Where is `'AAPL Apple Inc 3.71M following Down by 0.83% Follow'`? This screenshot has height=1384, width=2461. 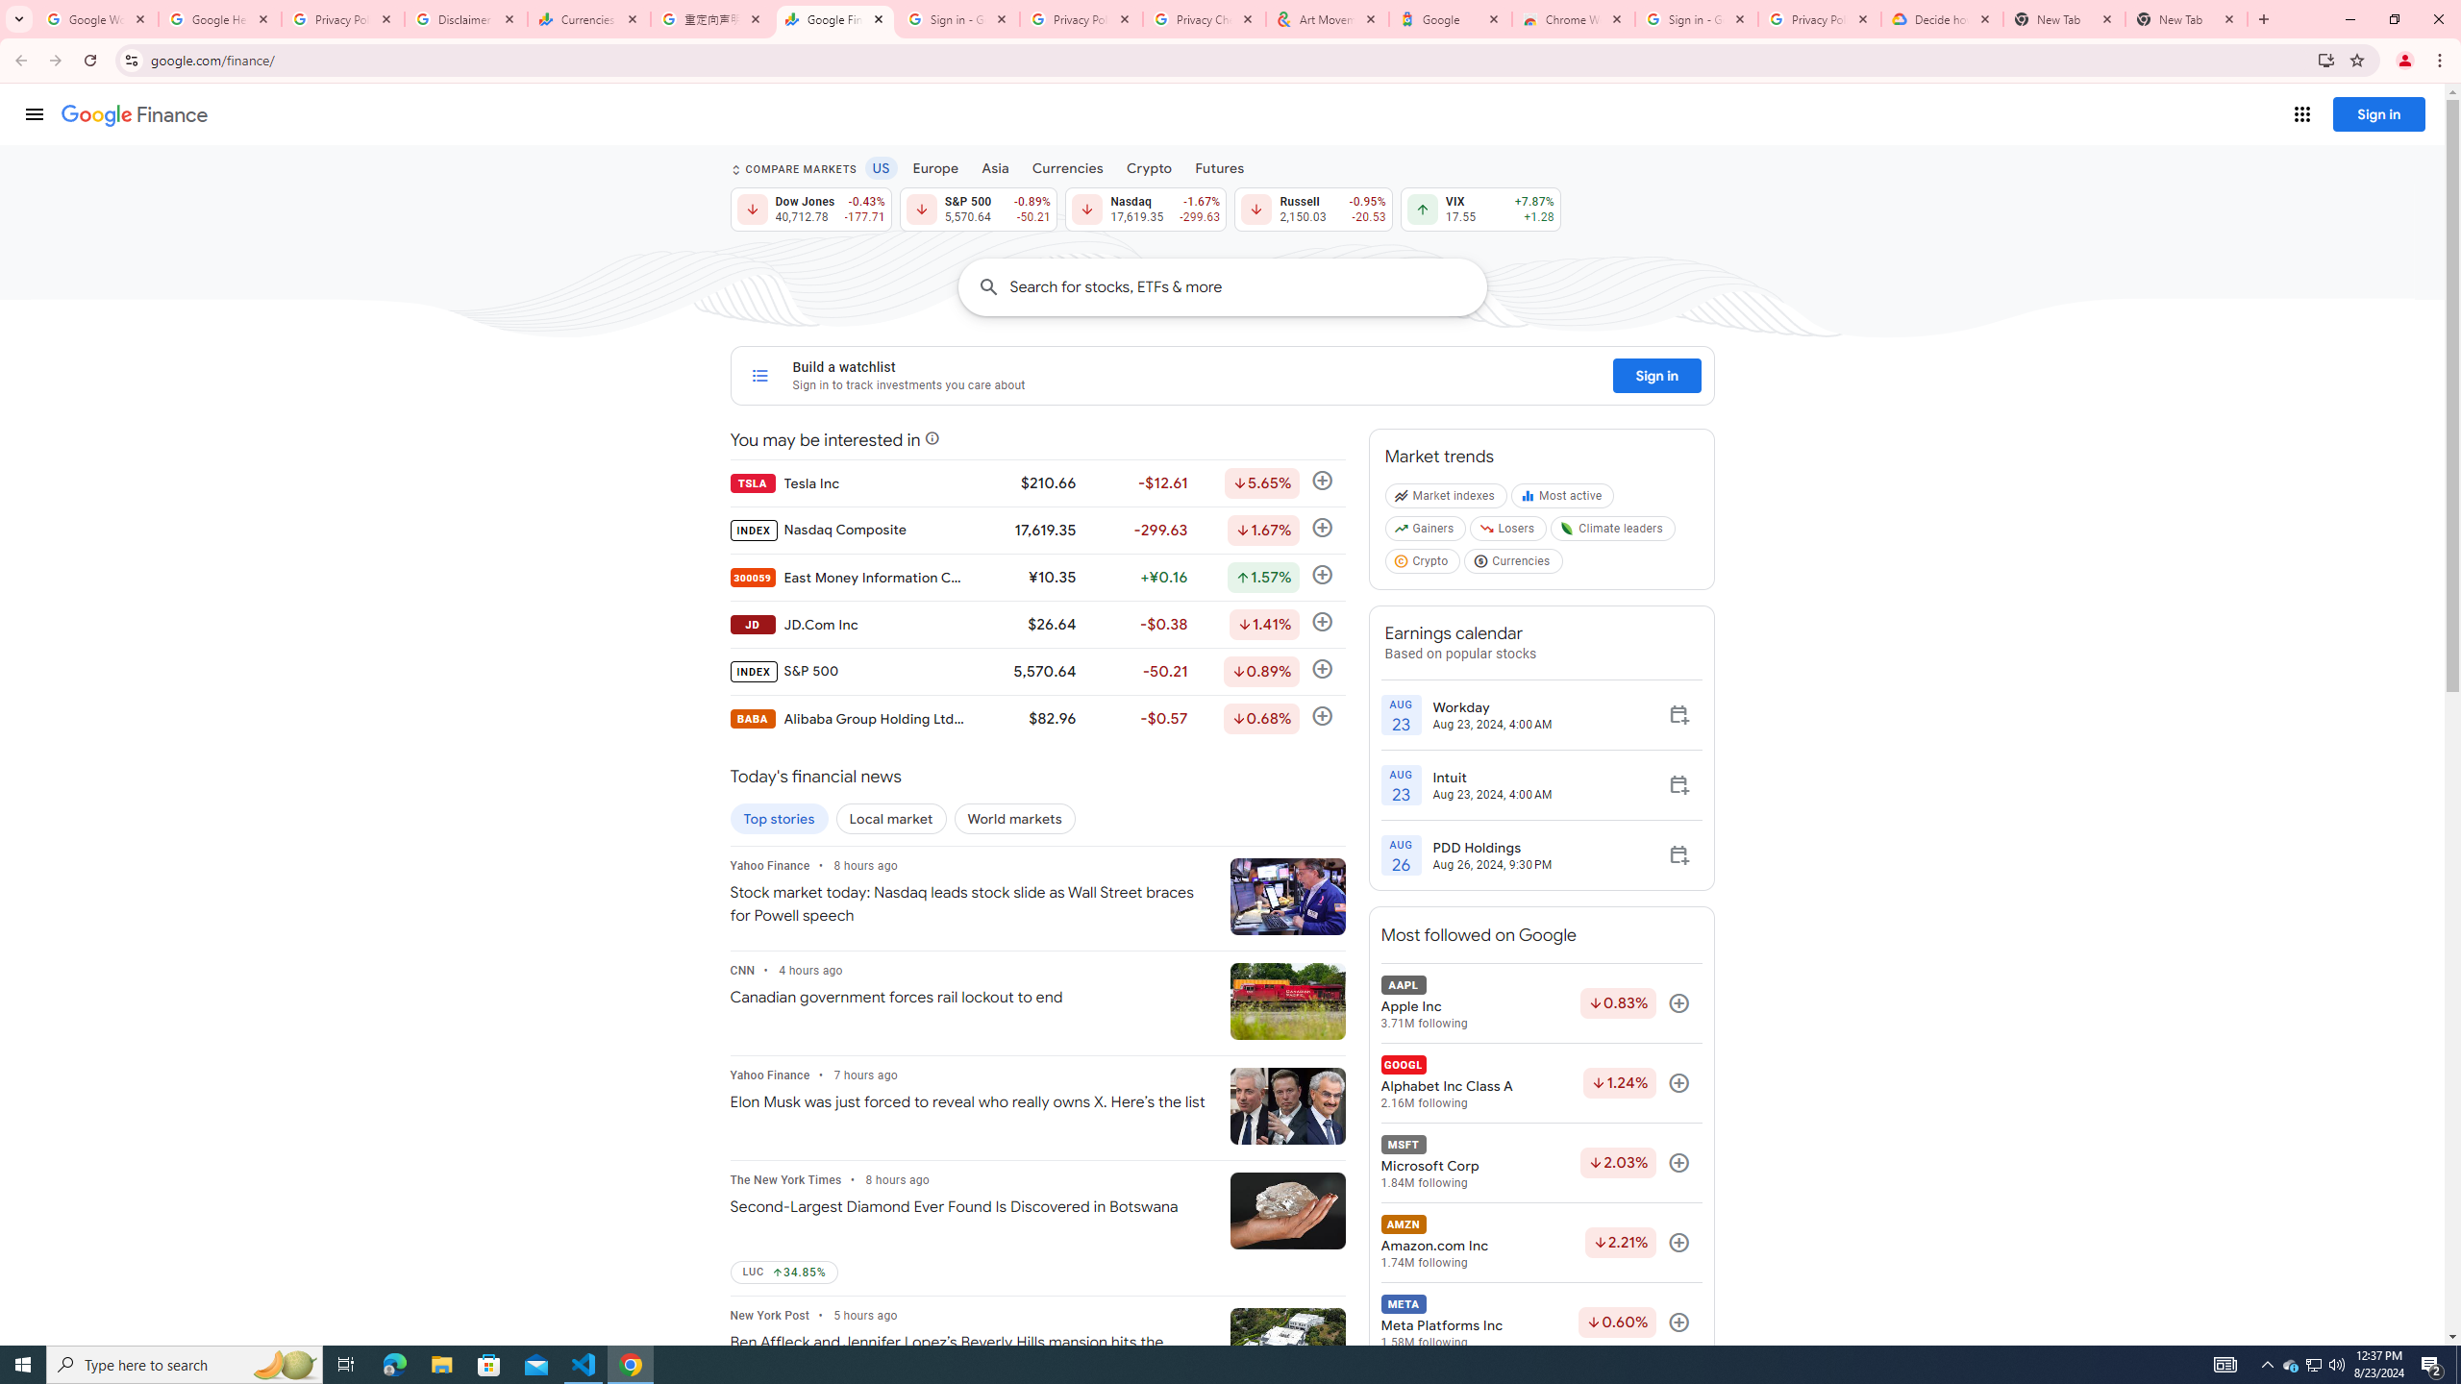
'AAPL Apple Inc 3.71M following Down by 0.83% Follow' is located at coordinates (1540, 1002).